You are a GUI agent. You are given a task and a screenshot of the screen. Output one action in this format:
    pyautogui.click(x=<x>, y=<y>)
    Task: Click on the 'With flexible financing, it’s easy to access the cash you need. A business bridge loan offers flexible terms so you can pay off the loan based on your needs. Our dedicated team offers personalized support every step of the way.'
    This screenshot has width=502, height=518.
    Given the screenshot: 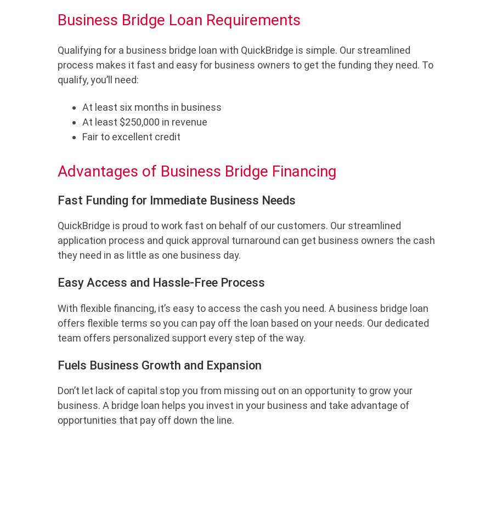 What is the action you would take?
    pyautogui.click(x=243, y=322)
    